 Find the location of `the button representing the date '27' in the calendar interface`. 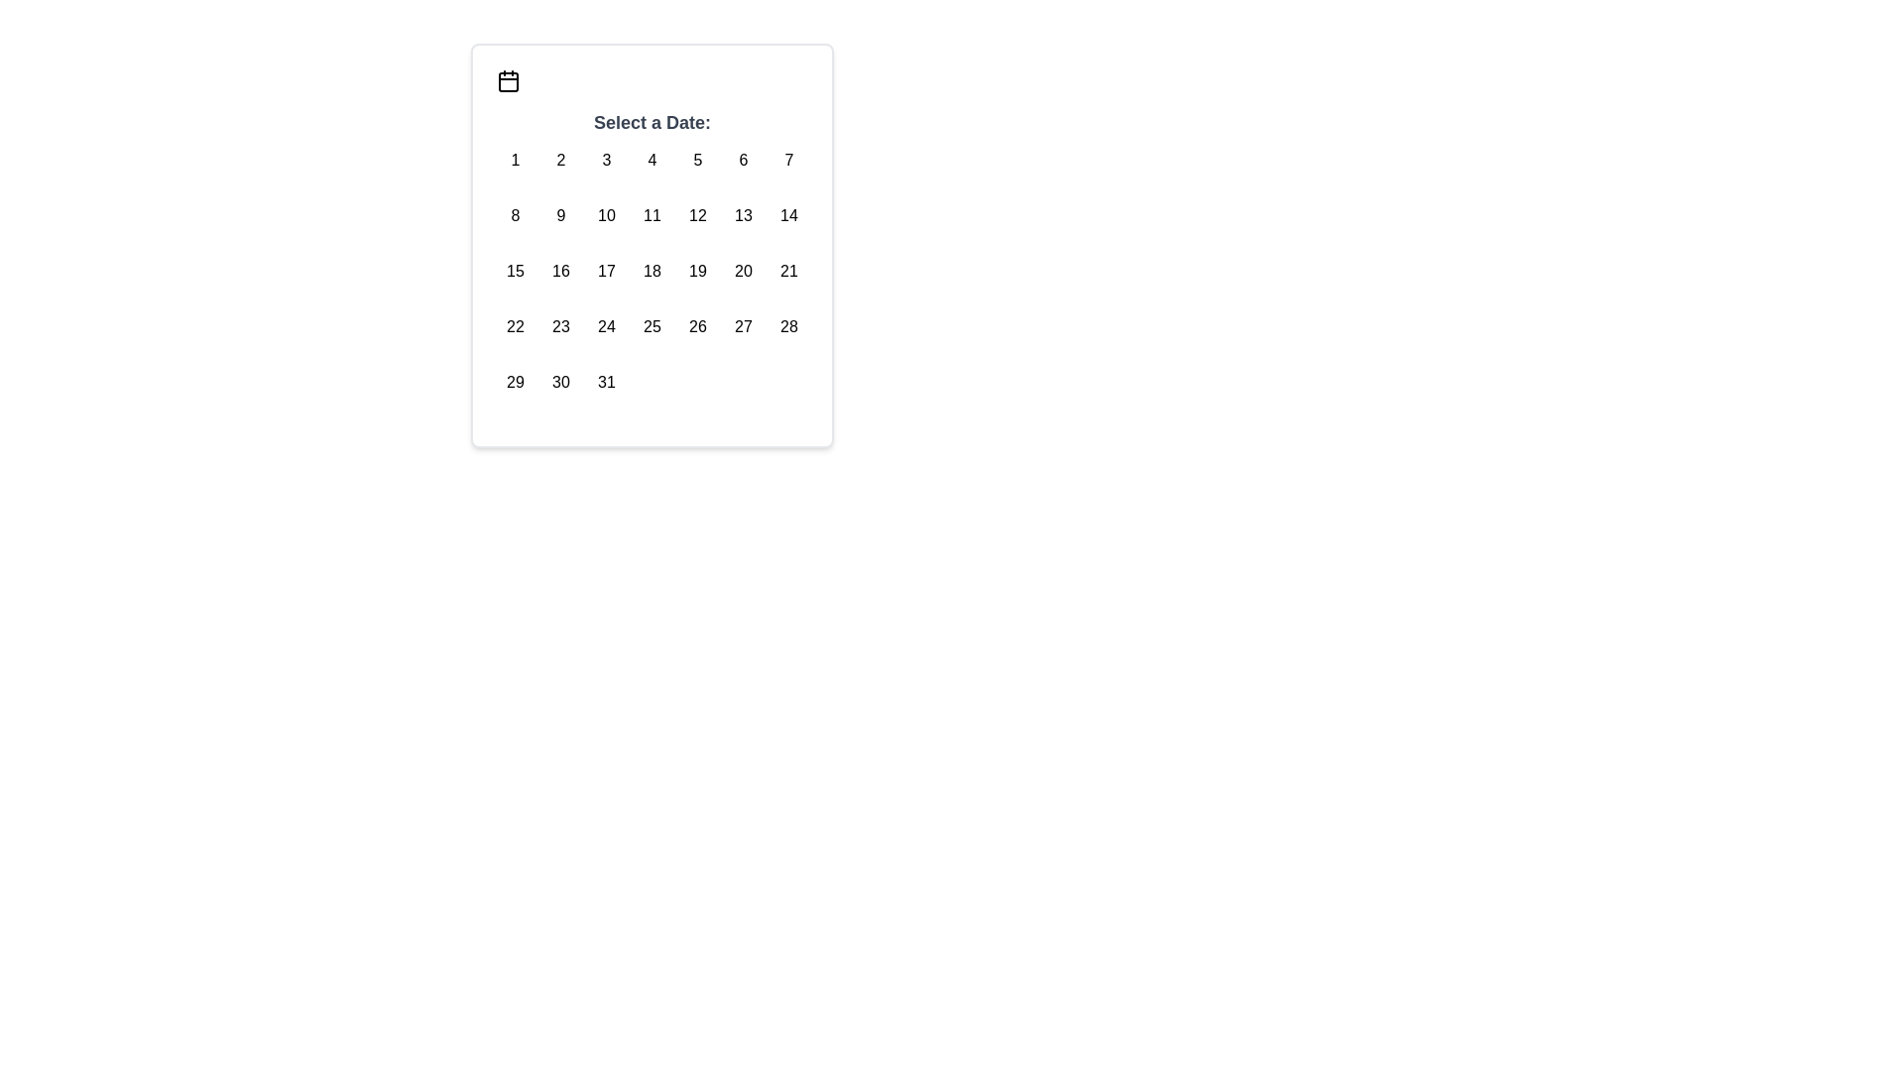

the button representing the date '27' in the calendar interface is located at coordinates (742, 326).